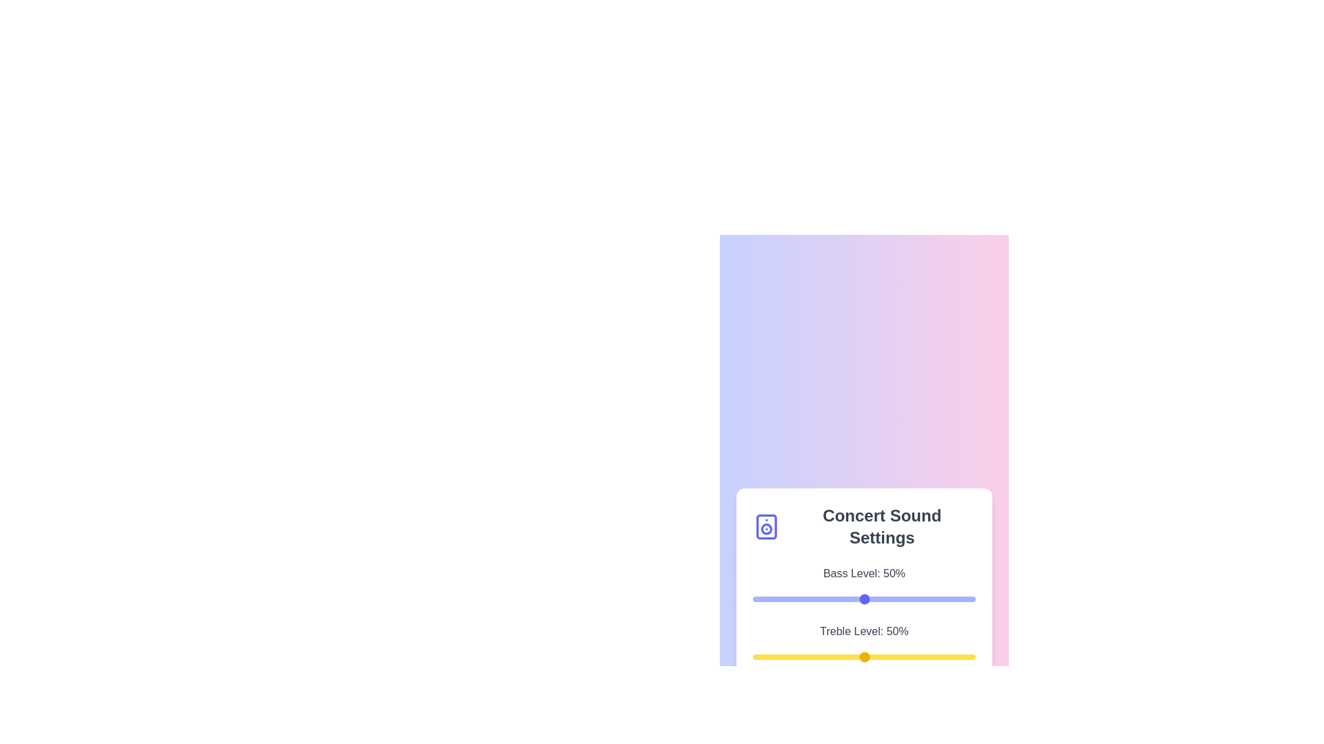  I want to click on the bass level slider to 62%, so click(891, 599).